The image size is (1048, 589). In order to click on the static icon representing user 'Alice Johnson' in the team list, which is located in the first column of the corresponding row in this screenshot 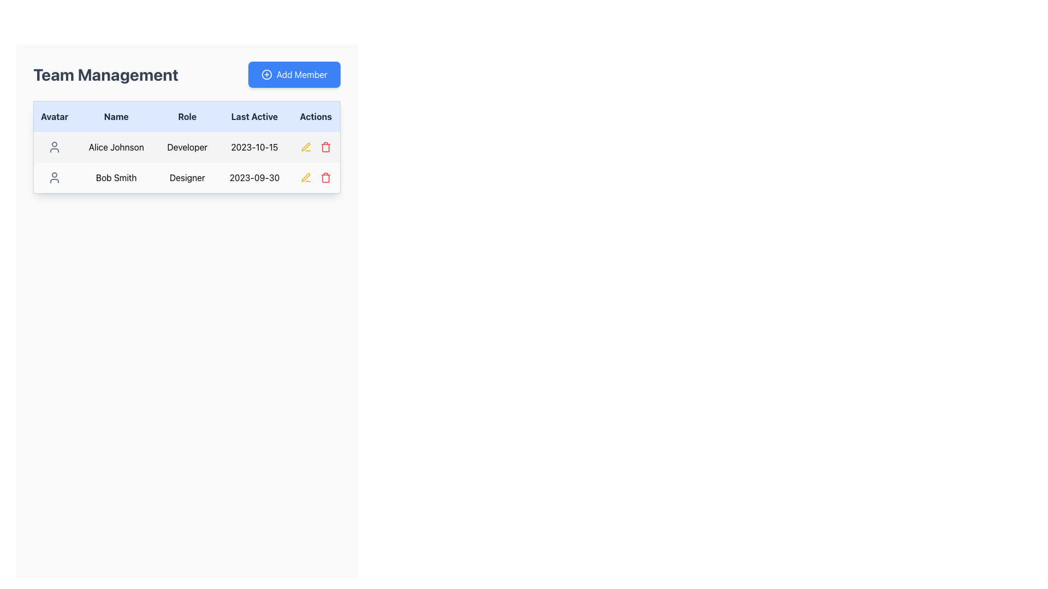, I will do `click(53, 147)`.